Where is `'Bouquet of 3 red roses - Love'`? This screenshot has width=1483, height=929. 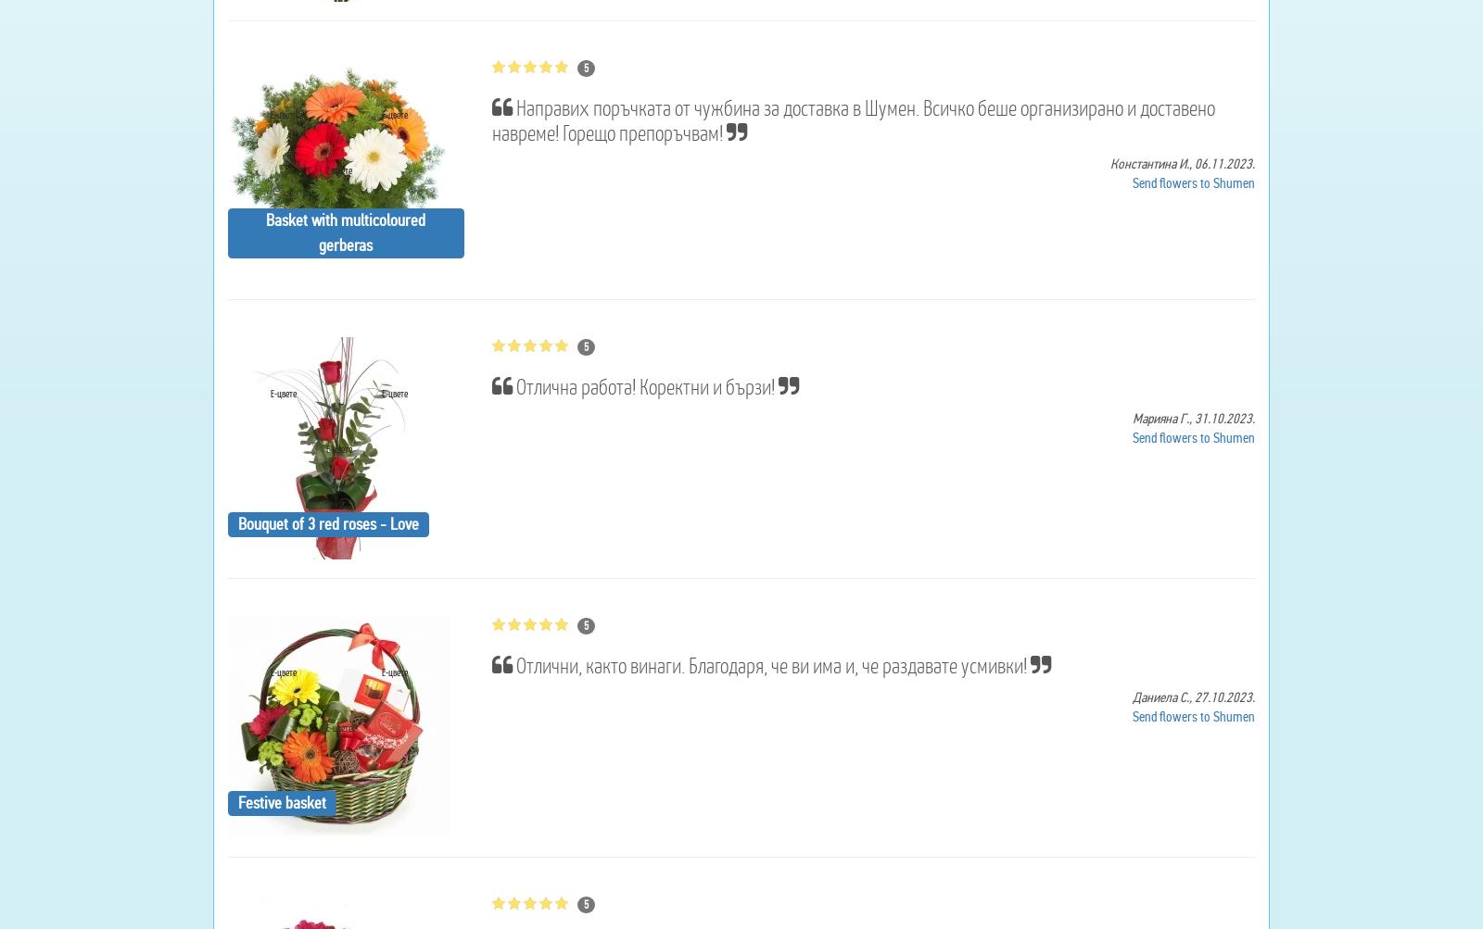
'Bouquet of 3 red roses - Love' is located at coordinates (327, 521).